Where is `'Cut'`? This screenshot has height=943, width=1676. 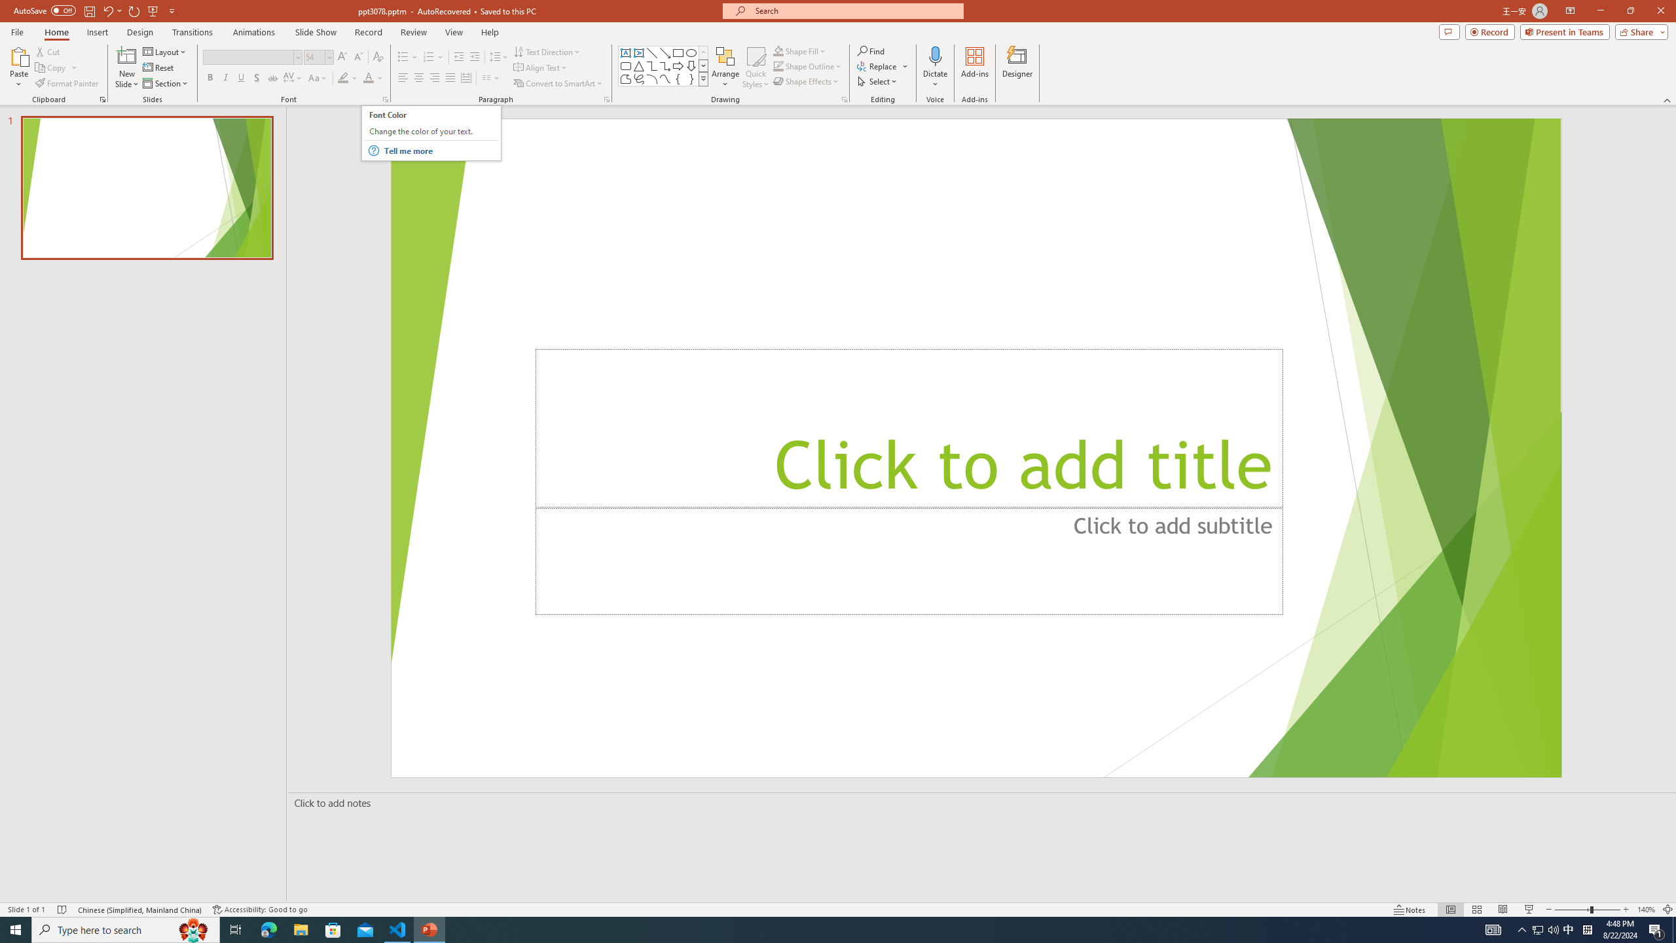 'Cut' is located at coordinates (48, 51).